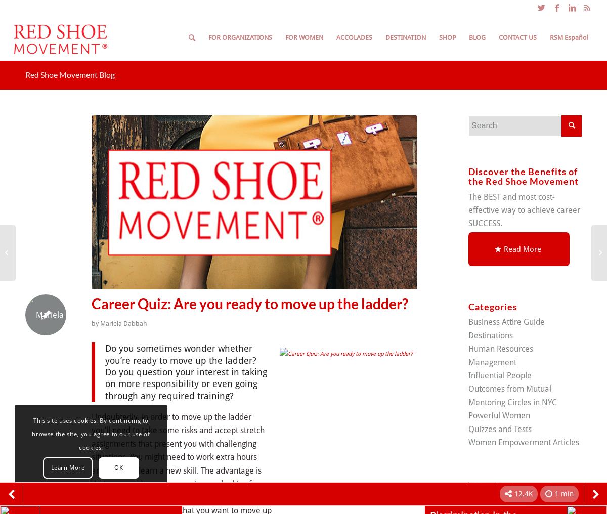  I want to click on 'Career Quiz: Are you ready to move up the ladder?', so click(249, 304).